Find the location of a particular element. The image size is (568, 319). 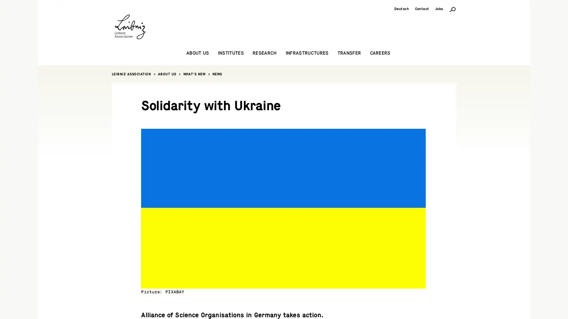

INFRASTRUCTURES is located at coordinates (307, 53).